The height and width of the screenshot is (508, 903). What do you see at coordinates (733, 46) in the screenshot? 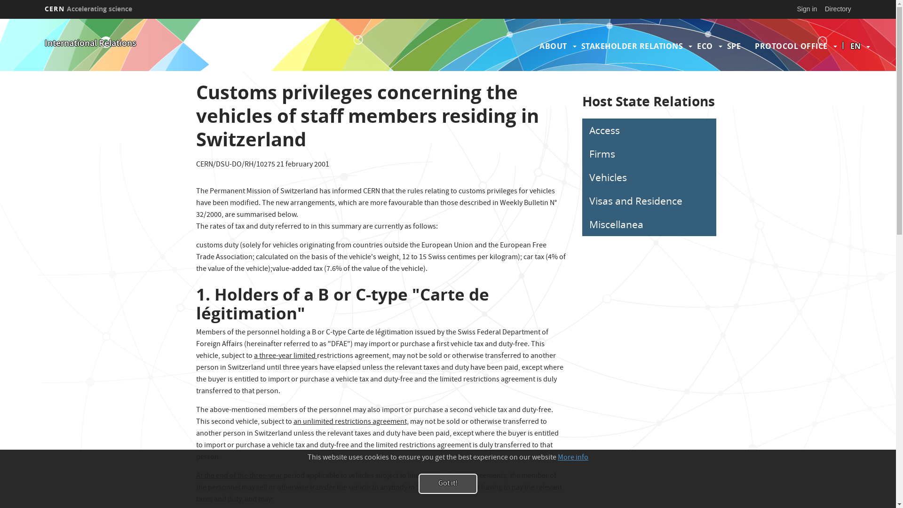
I see `'SPE'` at bounding box center [733, 46].